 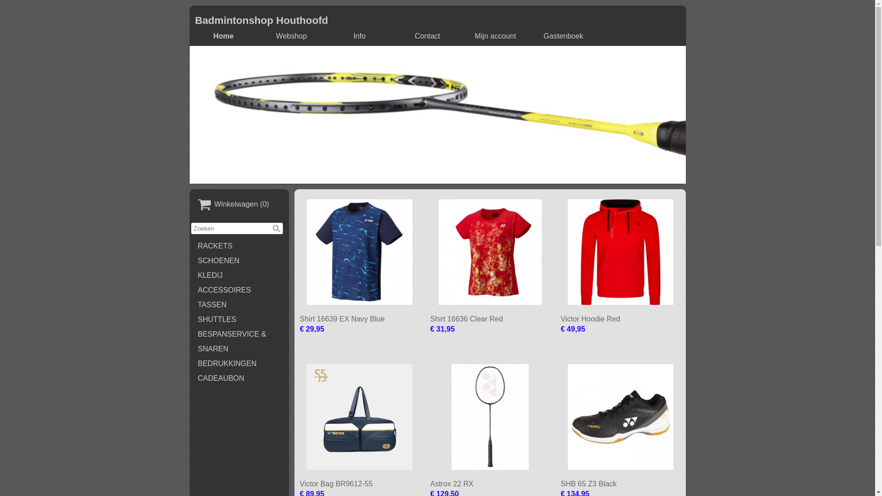 What do you see at coordinates (239, 319) in the screenshot?
I see `'SHUTTLES'` at bounding box center [239, 319].